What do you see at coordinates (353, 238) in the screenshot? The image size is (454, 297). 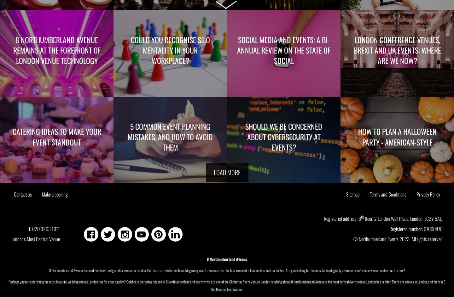 I see `'© Northumberland Events 2023. All rights reserved'` at bounding box center [353, 238].